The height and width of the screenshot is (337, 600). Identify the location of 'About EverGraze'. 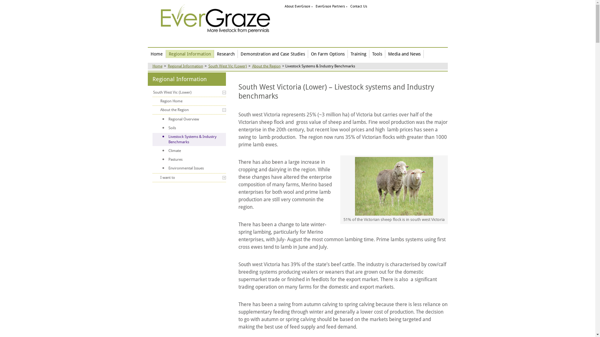
(284, 6).